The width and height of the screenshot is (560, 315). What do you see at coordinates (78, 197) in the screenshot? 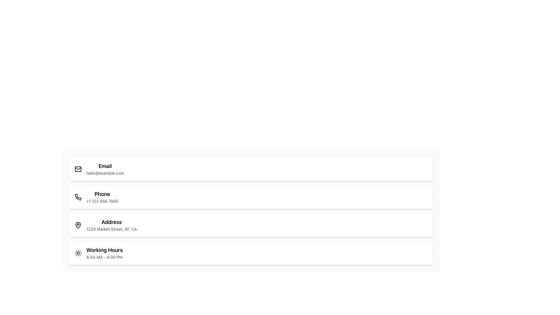
I see `the phone icon located in the second card from the top, which represents phone functionality and is positioned to the left of the text 'Phone' and the number '+1 123 456 7890'` at bounding box center [78, 197].